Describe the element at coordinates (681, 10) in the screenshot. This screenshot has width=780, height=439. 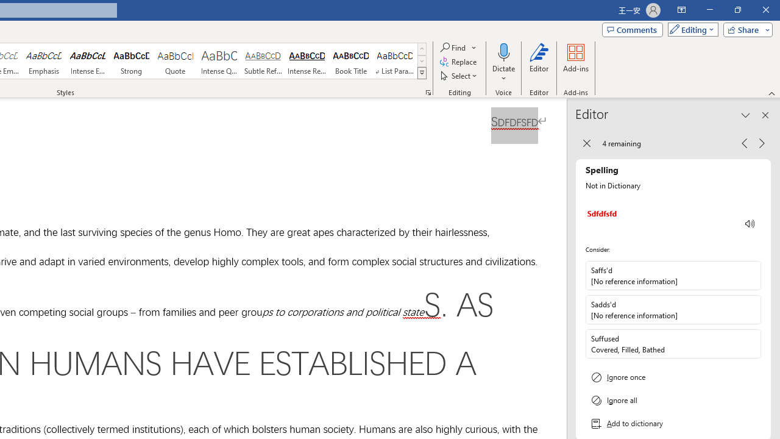
I see `'Ribbon Display Options'` at that location.